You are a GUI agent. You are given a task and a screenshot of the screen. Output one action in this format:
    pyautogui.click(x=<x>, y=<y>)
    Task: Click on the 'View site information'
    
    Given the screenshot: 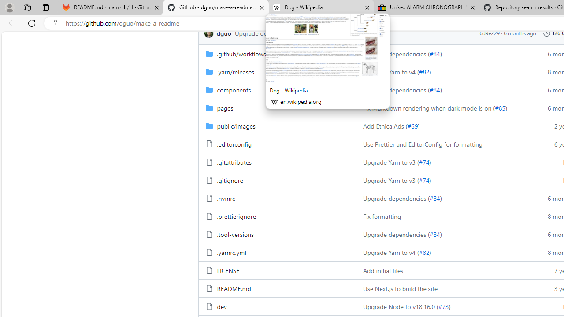 What is the action you would take?
    pyautogui.click(x=55, y=23)
    